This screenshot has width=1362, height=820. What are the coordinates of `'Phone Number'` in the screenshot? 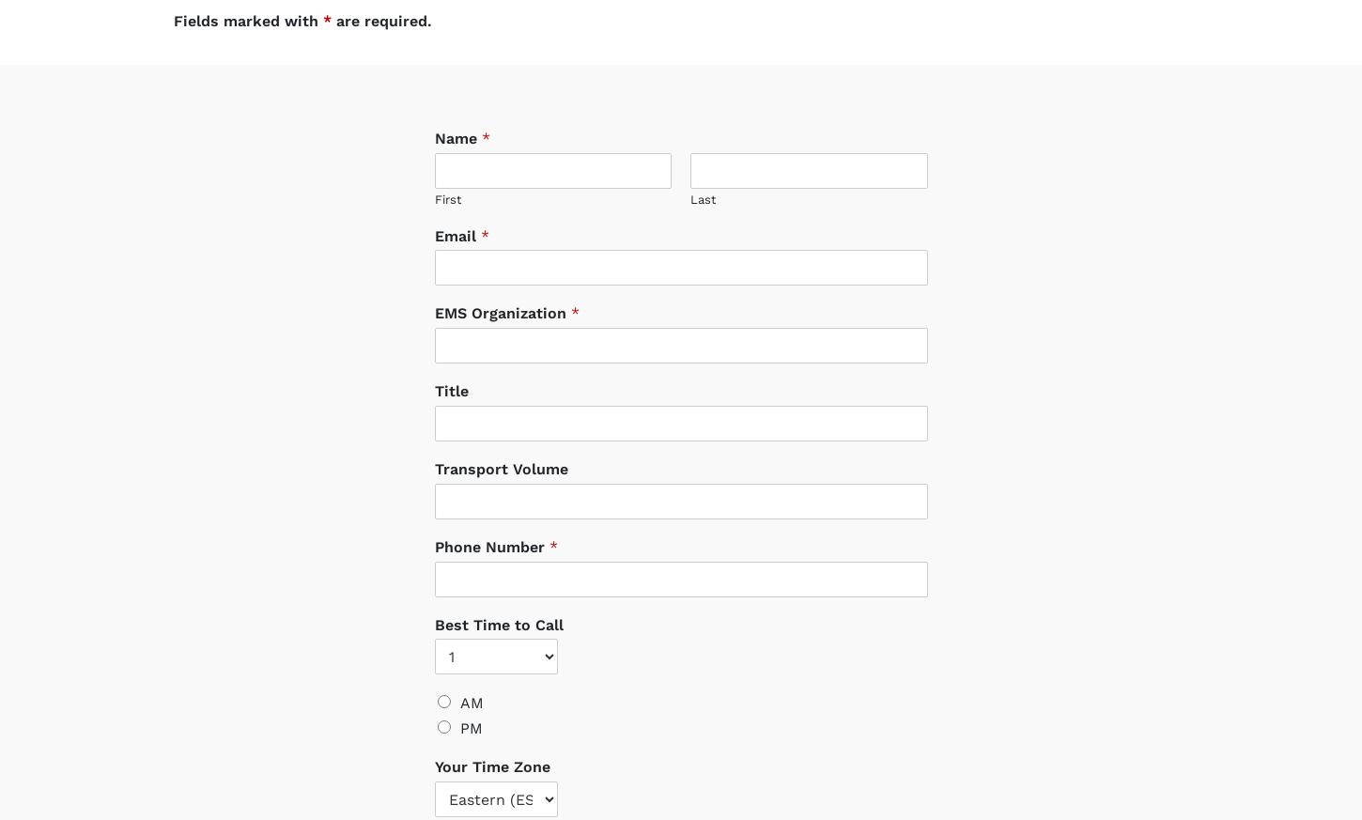 It's located at (432, 527).